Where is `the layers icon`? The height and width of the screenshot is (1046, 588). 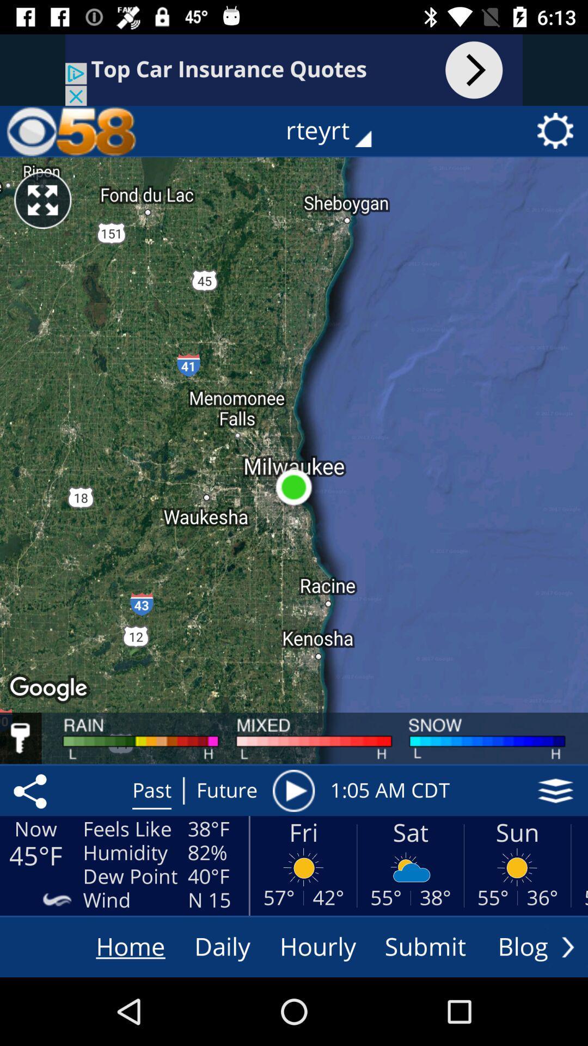
the layers icon is located at coordinates (555, 790).